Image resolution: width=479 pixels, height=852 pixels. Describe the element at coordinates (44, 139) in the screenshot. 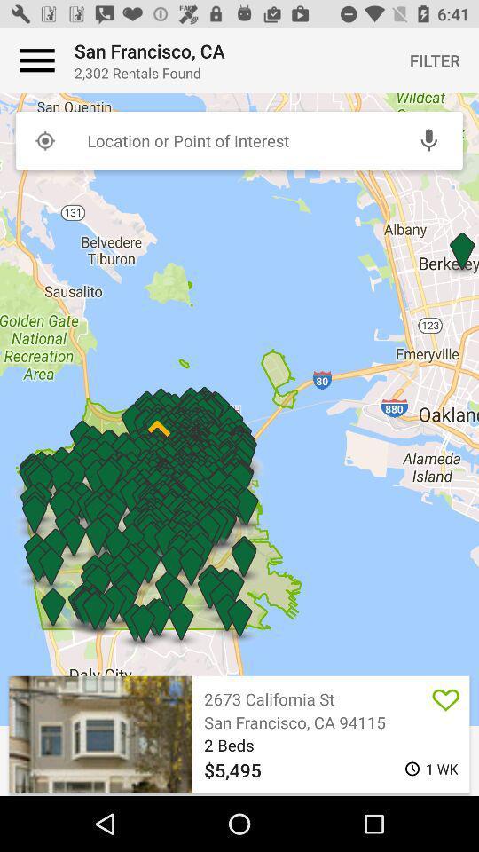

I see `the location_crosshair icon` at that location.